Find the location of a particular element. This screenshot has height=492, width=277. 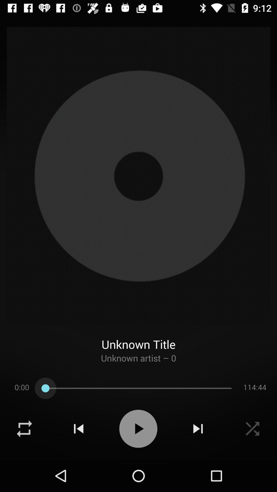

rewind is located at coordinates (78, 429).